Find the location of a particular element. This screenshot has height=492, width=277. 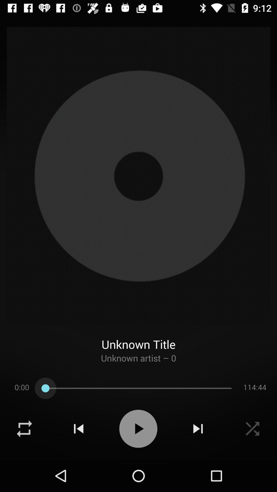

rewind is located at coordinates (78, 429).